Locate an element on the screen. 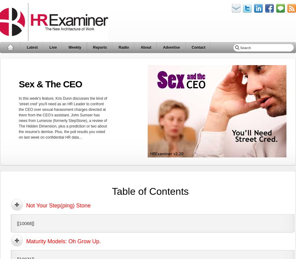 This screenshot has width=296, height=259. 'Weekly' is located at coordinates (74, 48).